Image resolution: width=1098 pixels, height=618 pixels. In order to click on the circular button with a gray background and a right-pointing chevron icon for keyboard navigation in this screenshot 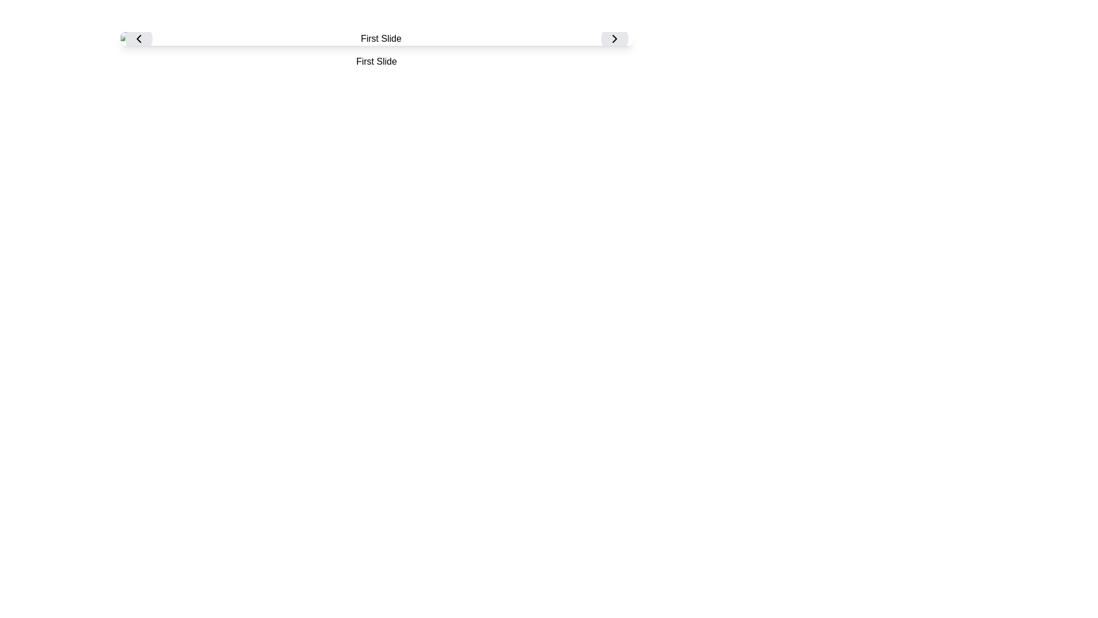, I will do `click(614, 38)`.